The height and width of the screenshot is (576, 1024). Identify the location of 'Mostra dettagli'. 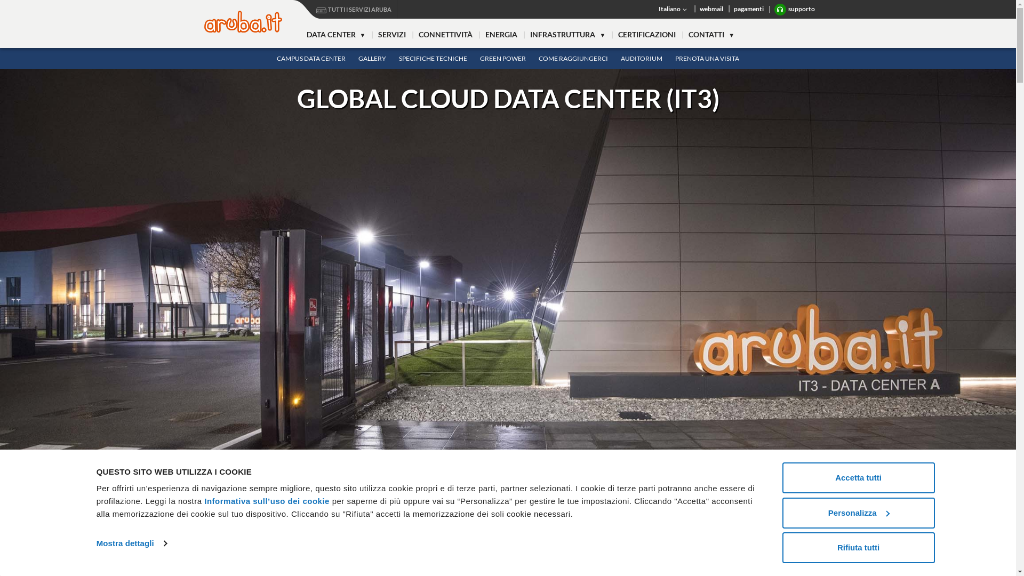
(131, 543).